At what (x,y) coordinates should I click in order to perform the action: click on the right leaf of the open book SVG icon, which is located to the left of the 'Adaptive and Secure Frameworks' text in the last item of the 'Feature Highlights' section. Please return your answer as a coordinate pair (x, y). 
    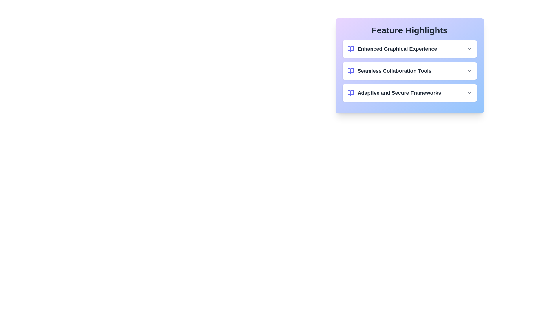
    Looking at the image, I should click on (350, 92).